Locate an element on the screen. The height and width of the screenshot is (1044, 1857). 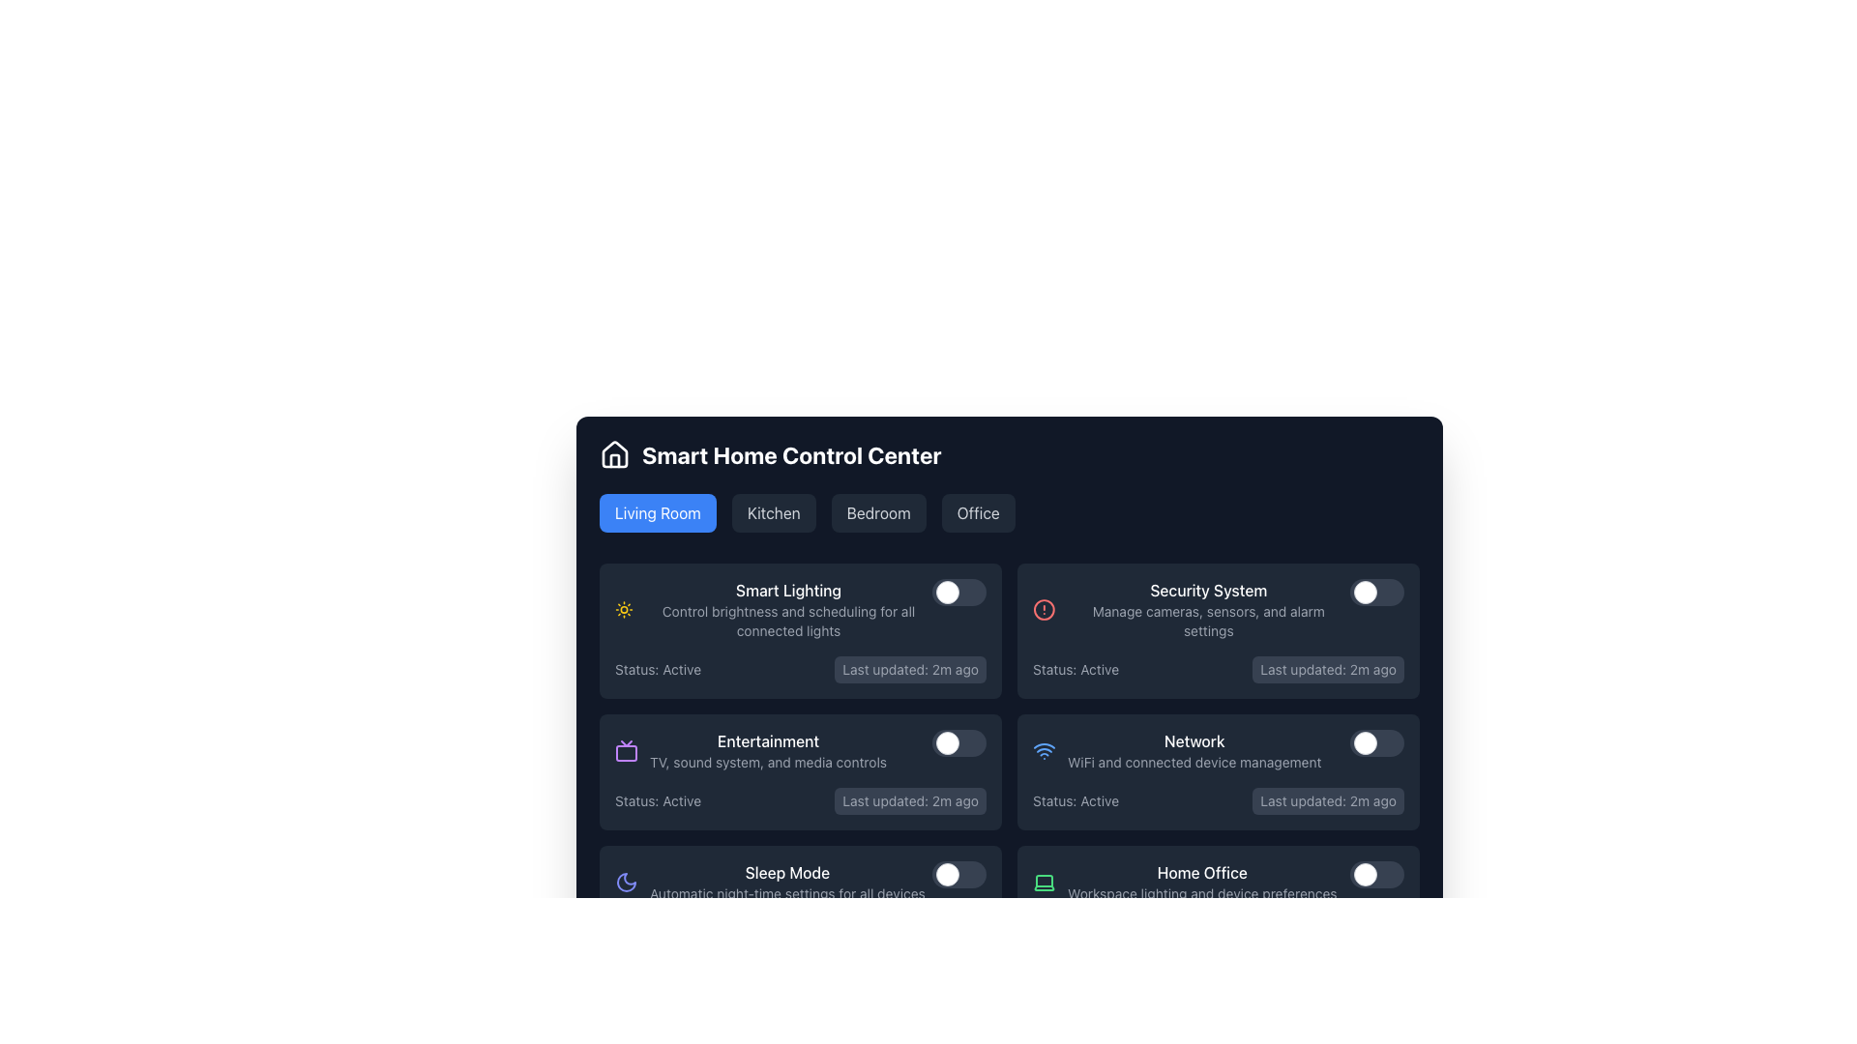
the decorative moon icon representing the 'Sleep Mode' functionality located in the bottom row of options within the 'Living Room' tab section is located at coordinates (627, 883).